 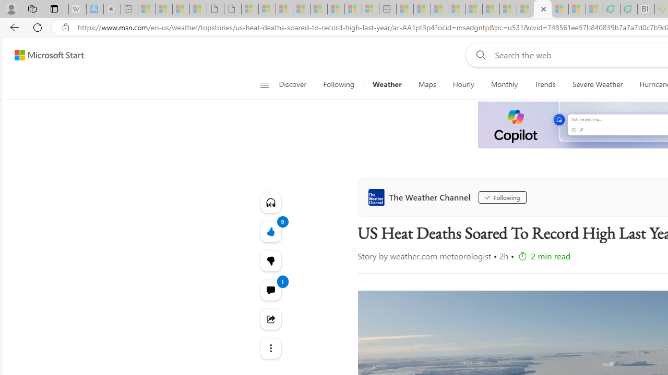 What do you see at coordinates (270, 231) in the screenshot?
I see `'9 Like'` at bounding box center [270, 231].